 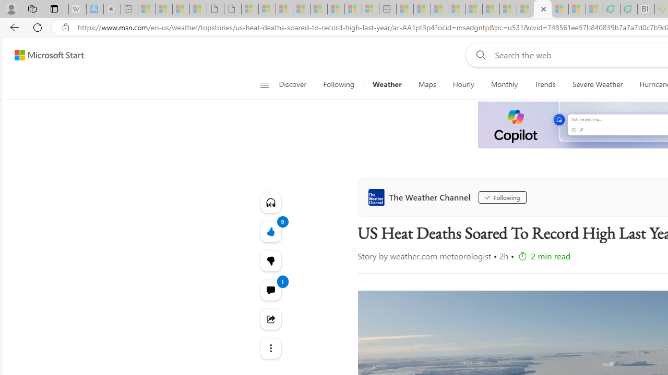 What do you see at coordinates (270, 231) in the screenshot?
I see `'9 Like'` at bounding box center [270, 231].